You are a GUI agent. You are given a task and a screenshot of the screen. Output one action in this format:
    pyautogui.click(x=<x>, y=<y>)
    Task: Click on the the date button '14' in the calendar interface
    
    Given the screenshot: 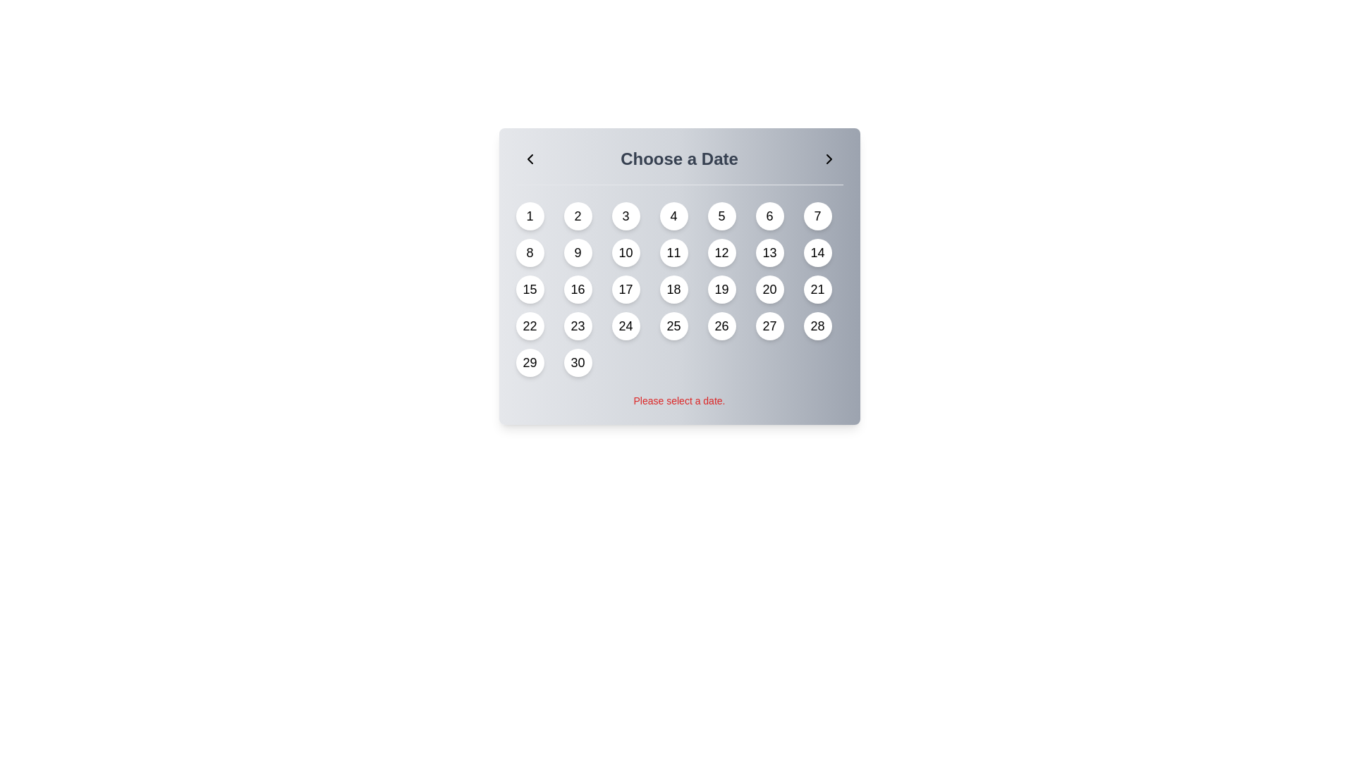 What is the action you would take?
    pyautogui.click(x=817, y=252)
    